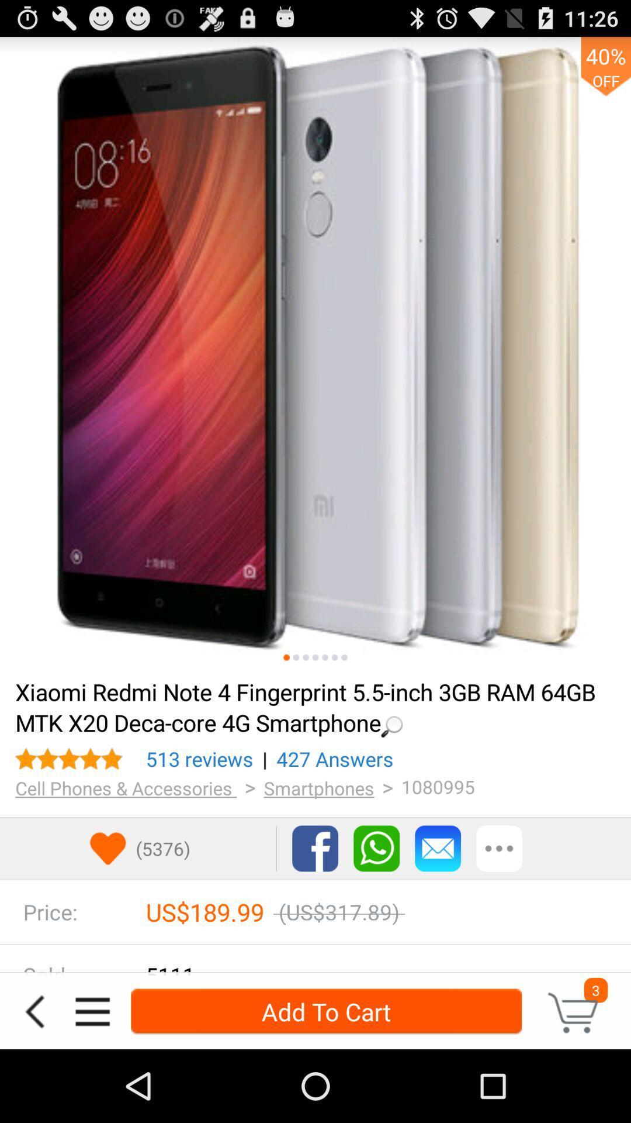 Image resolution: width=631 pixels, height=1123 pixels. I want to click on next, so click(305, 657).